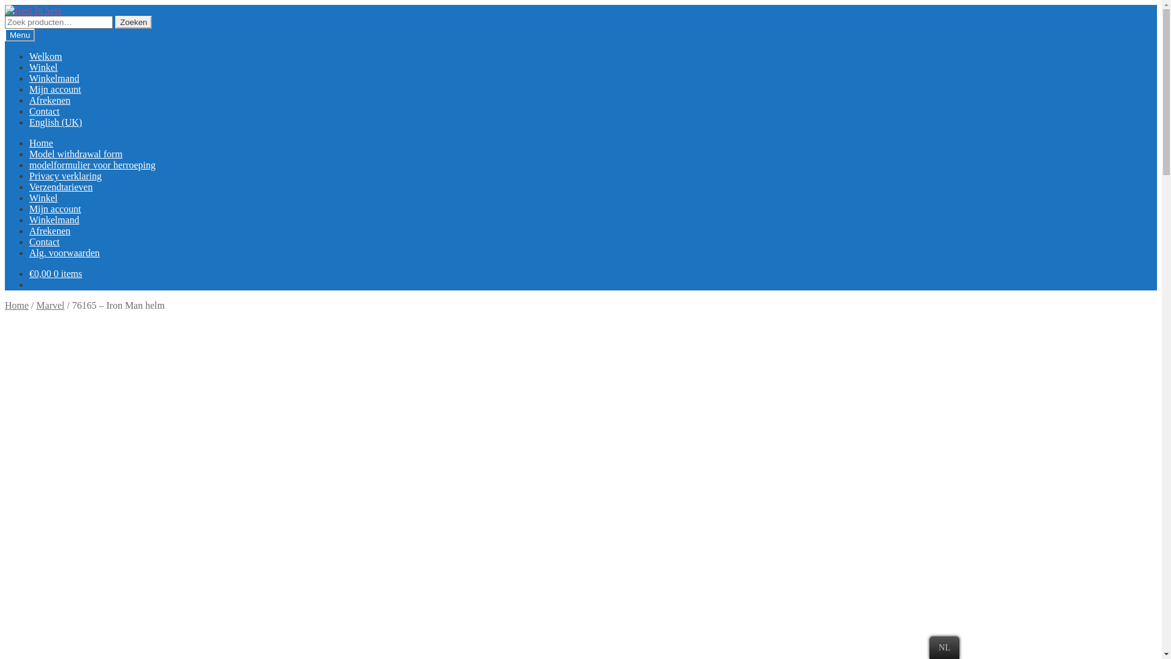 This screenshot has height=659, width=1171. Describe the element at coordinates (29, 165) in the screenshot. I see `'modelformulier voor herroeping'` at that location.